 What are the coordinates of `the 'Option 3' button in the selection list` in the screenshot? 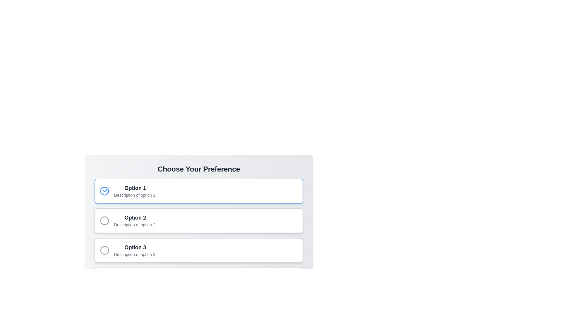 It's located at (135, 250).